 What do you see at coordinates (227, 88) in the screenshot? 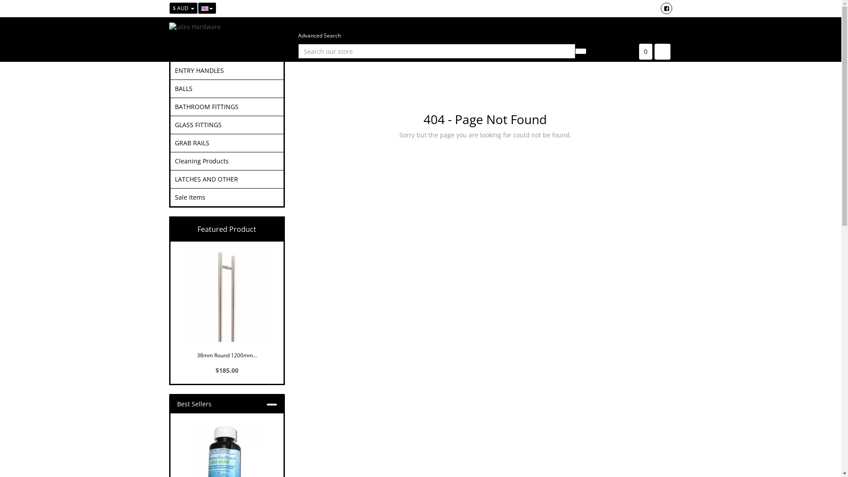
I see `'BALLS'` at bounding box center [227, 88].